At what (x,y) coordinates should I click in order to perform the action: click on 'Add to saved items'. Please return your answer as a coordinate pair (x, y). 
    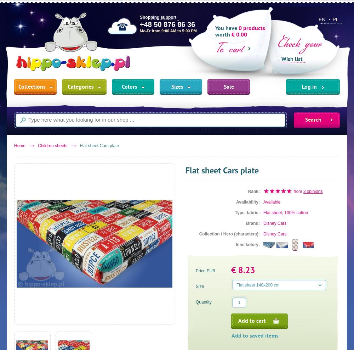
    Looking at the image, I should click on (255, 336).